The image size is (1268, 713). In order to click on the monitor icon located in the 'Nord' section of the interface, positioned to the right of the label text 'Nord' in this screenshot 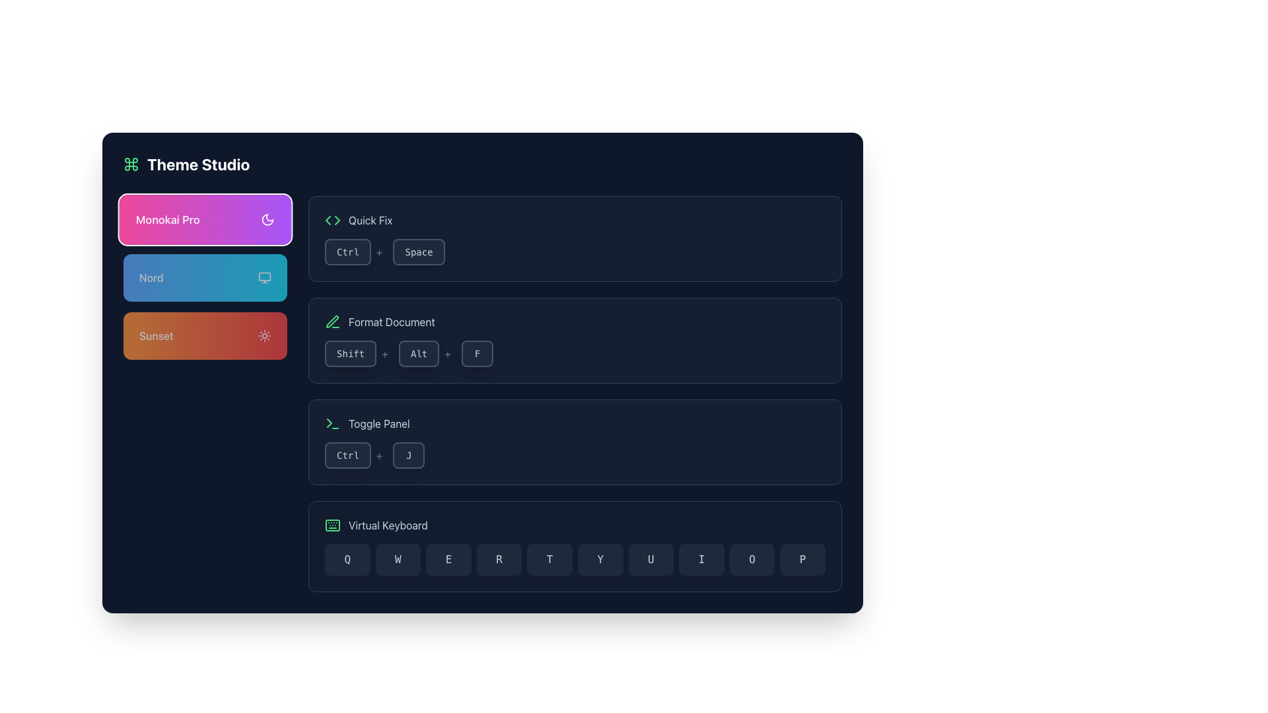, I will do `click(264, 277)`.